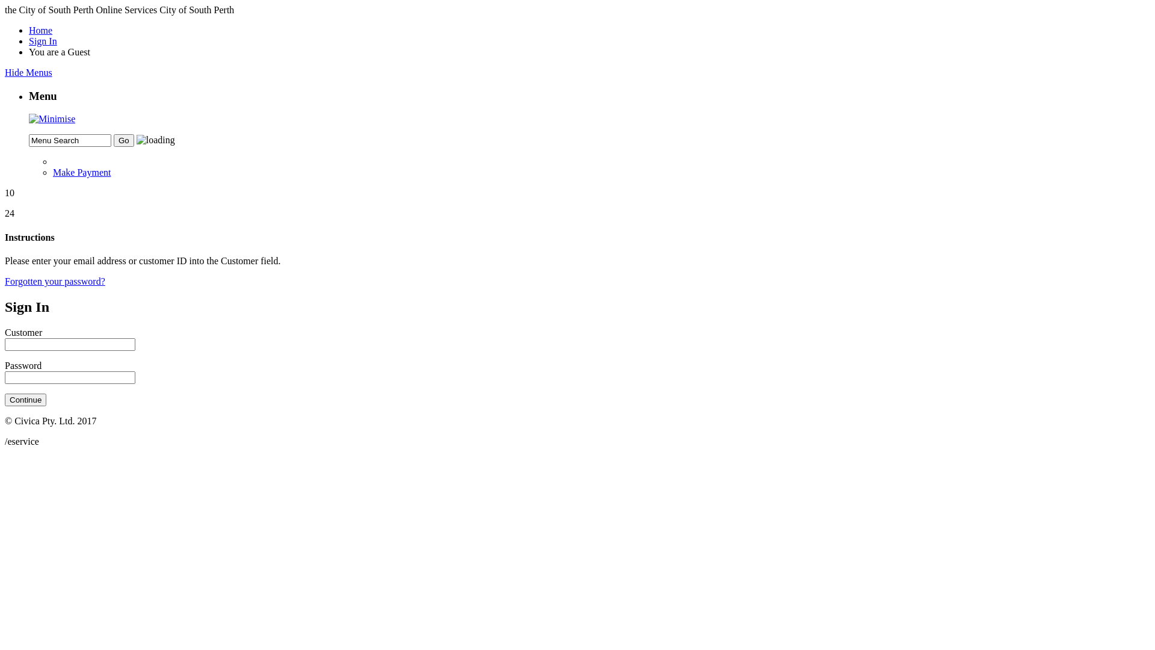 The image size is (1155, 650). What do you see at coordinates (124, 140) in the screenshot?
I see `'Go'` at bounding box center [124, 140].